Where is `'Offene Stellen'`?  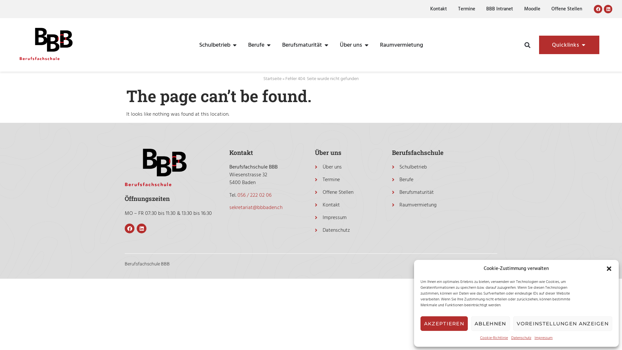 'Offene Stellen' is located at coordinates (353, 192).